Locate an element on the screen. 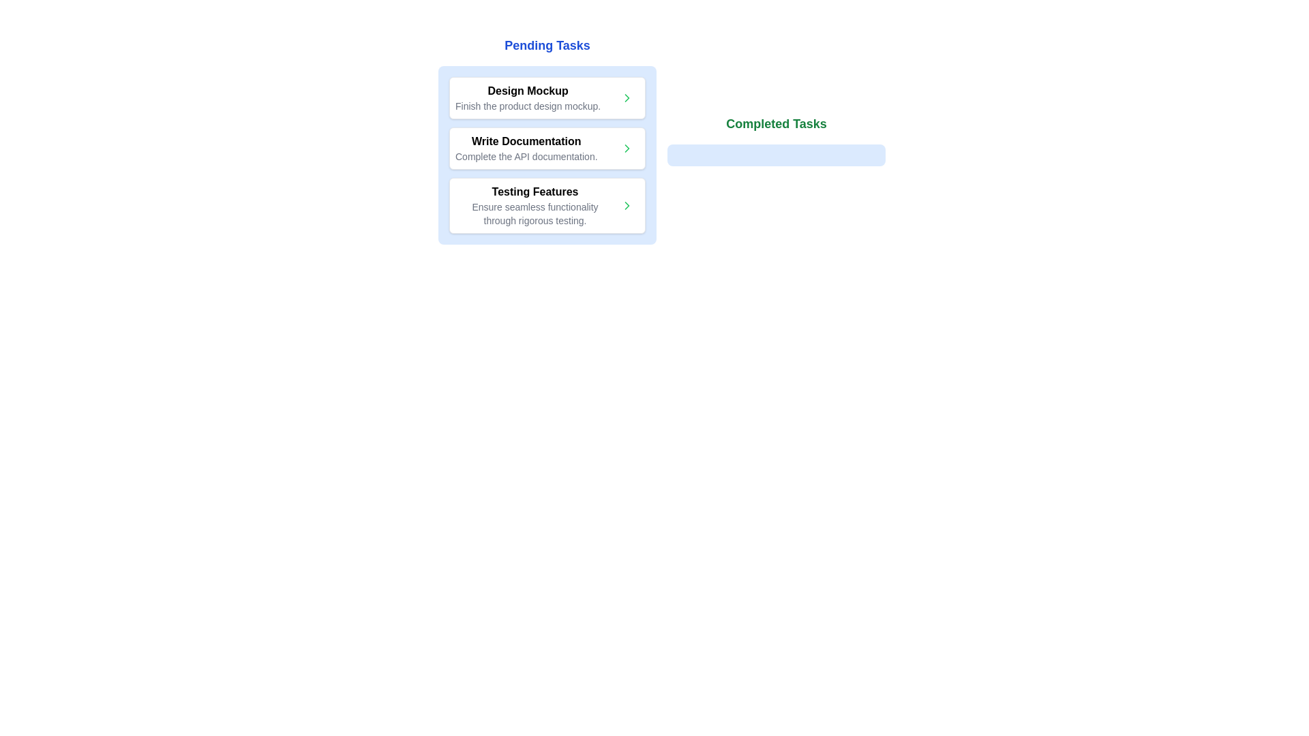 The height and width of the screenshot is (736, 1309). green button with the right arrow icon next to the task 'Write Documentation' in the pending tasks list is located at coordinates (627, 149).